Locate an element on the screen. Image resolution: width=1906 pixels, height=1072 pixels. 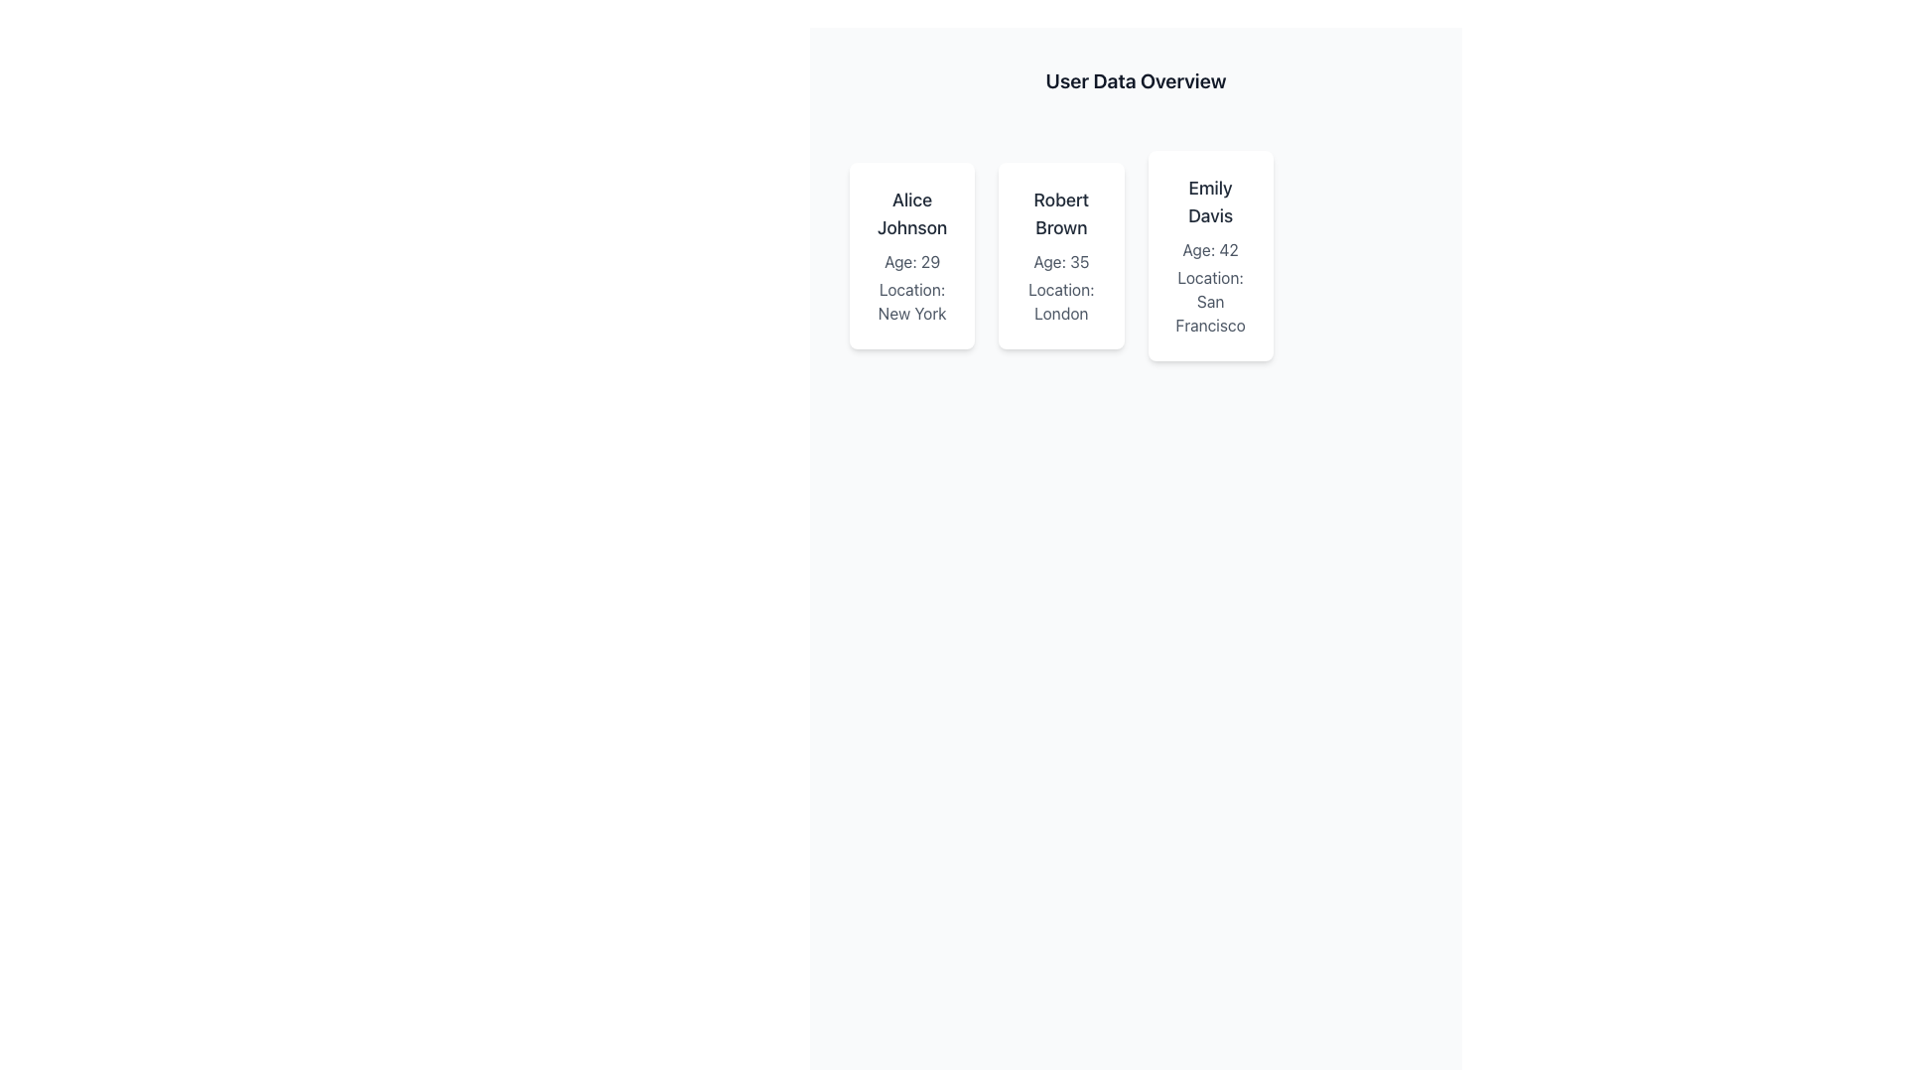
the text label displaying the location information 'London', which is positioned under 'Age: 35' and 'Robert Brown' in the middle card of a three-column layout is located at coordinates (1060, 302).